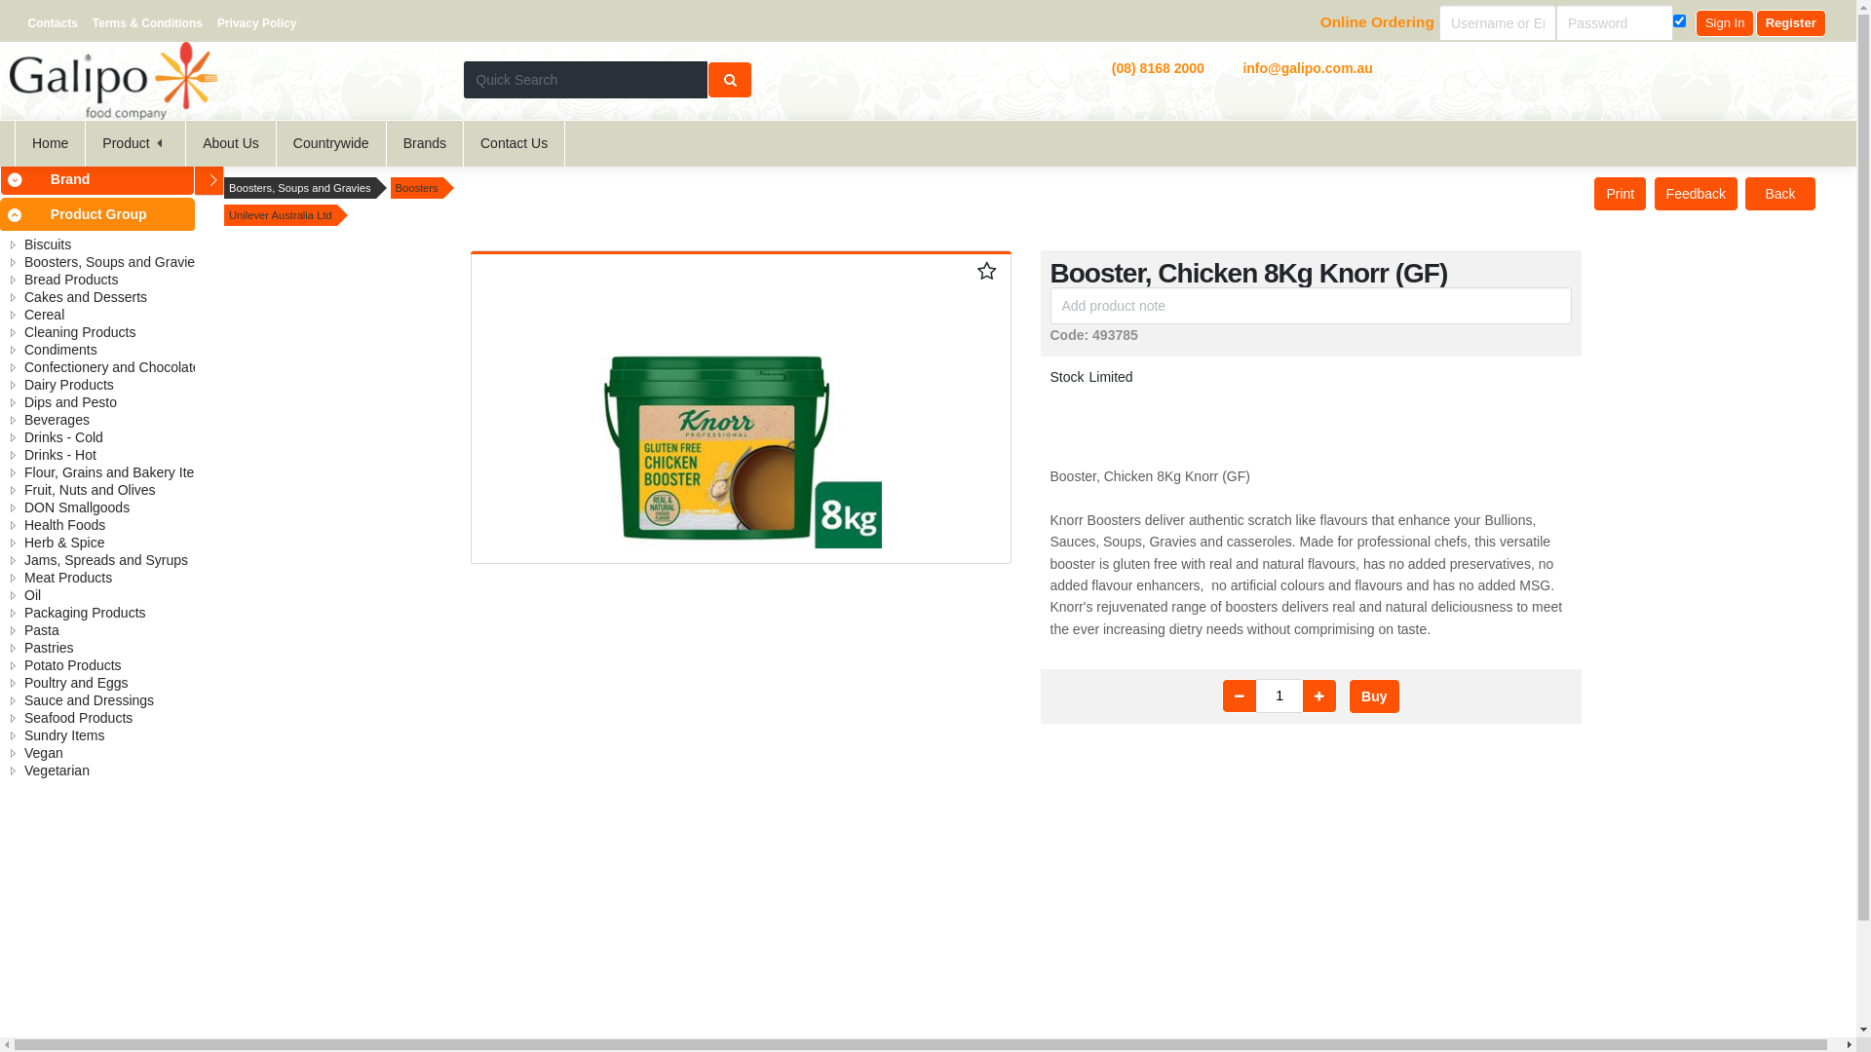  Describe the element at coordinates (105, 559) in the screenshot. I see `'Jams, Spreads and Syrups'` at that location.